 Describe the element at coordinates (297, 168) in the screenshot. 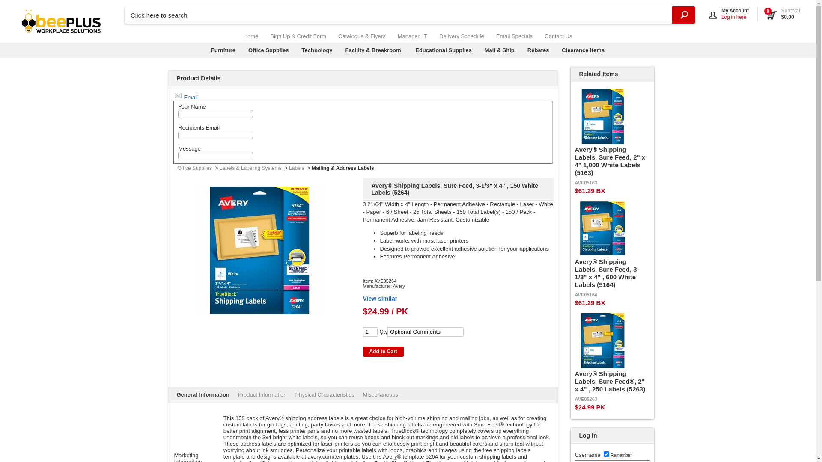

I see `'Labels'` at that location.